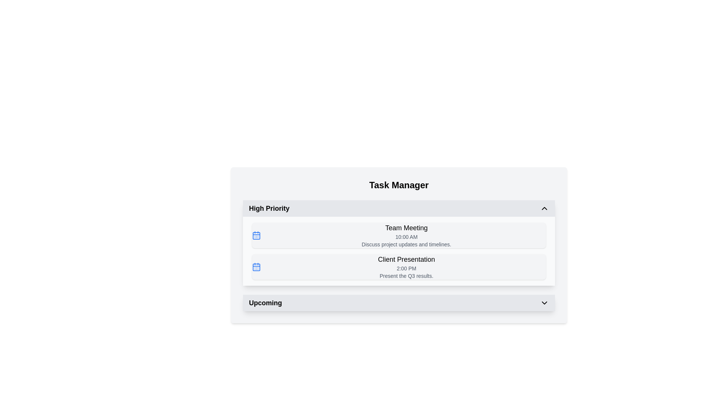 Image resolution: width=720 pixels, height=405 pixels. What do you see at coordinates (399, 235) in the screenshot?
I see `the first task in the 'High Priority' section of the 'Task Manager' interface, which displays details of a scheduled 'Team Meeting'` at bounding box center [399, 235].